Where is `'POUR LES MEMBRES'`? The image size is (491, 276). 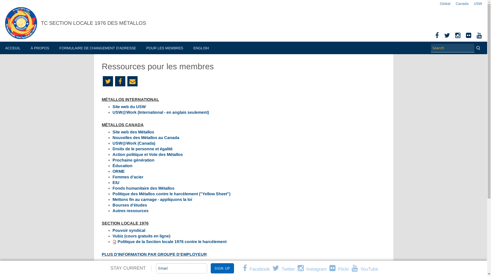
'POUR LES MEMBRES' is located at coordinates (146, 49).